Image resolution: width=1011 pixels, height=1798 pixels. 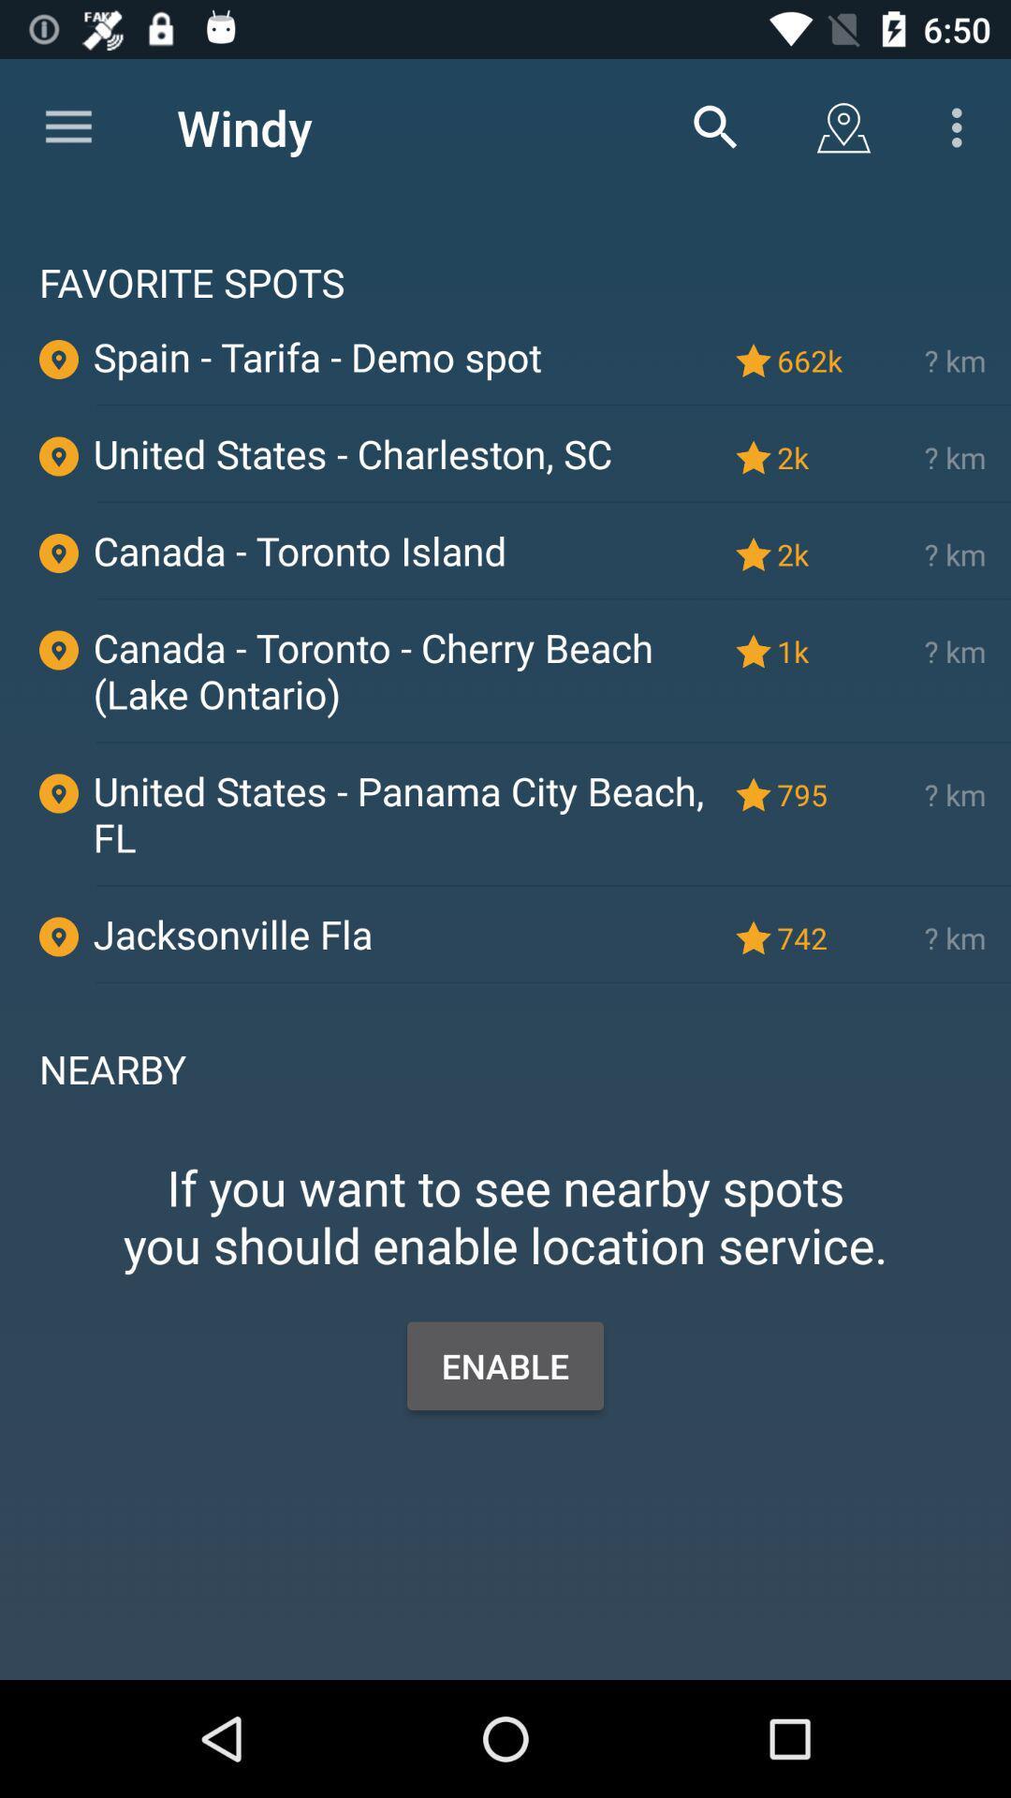 I want to click on icon to the left of ? km icon, so click(x=813, y=361).